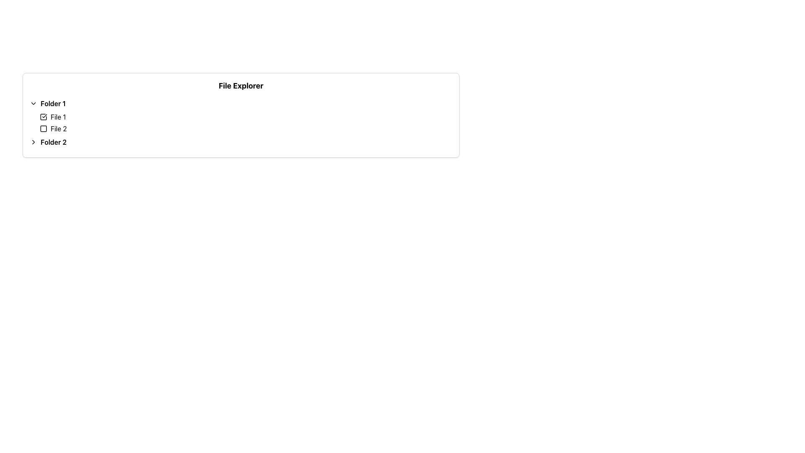  What do you see at coordinates (34, 142) in the screenshot?
I see `the right-facing chevron icon next to the text 'Folder 2'` at bounding box center [34, 142].